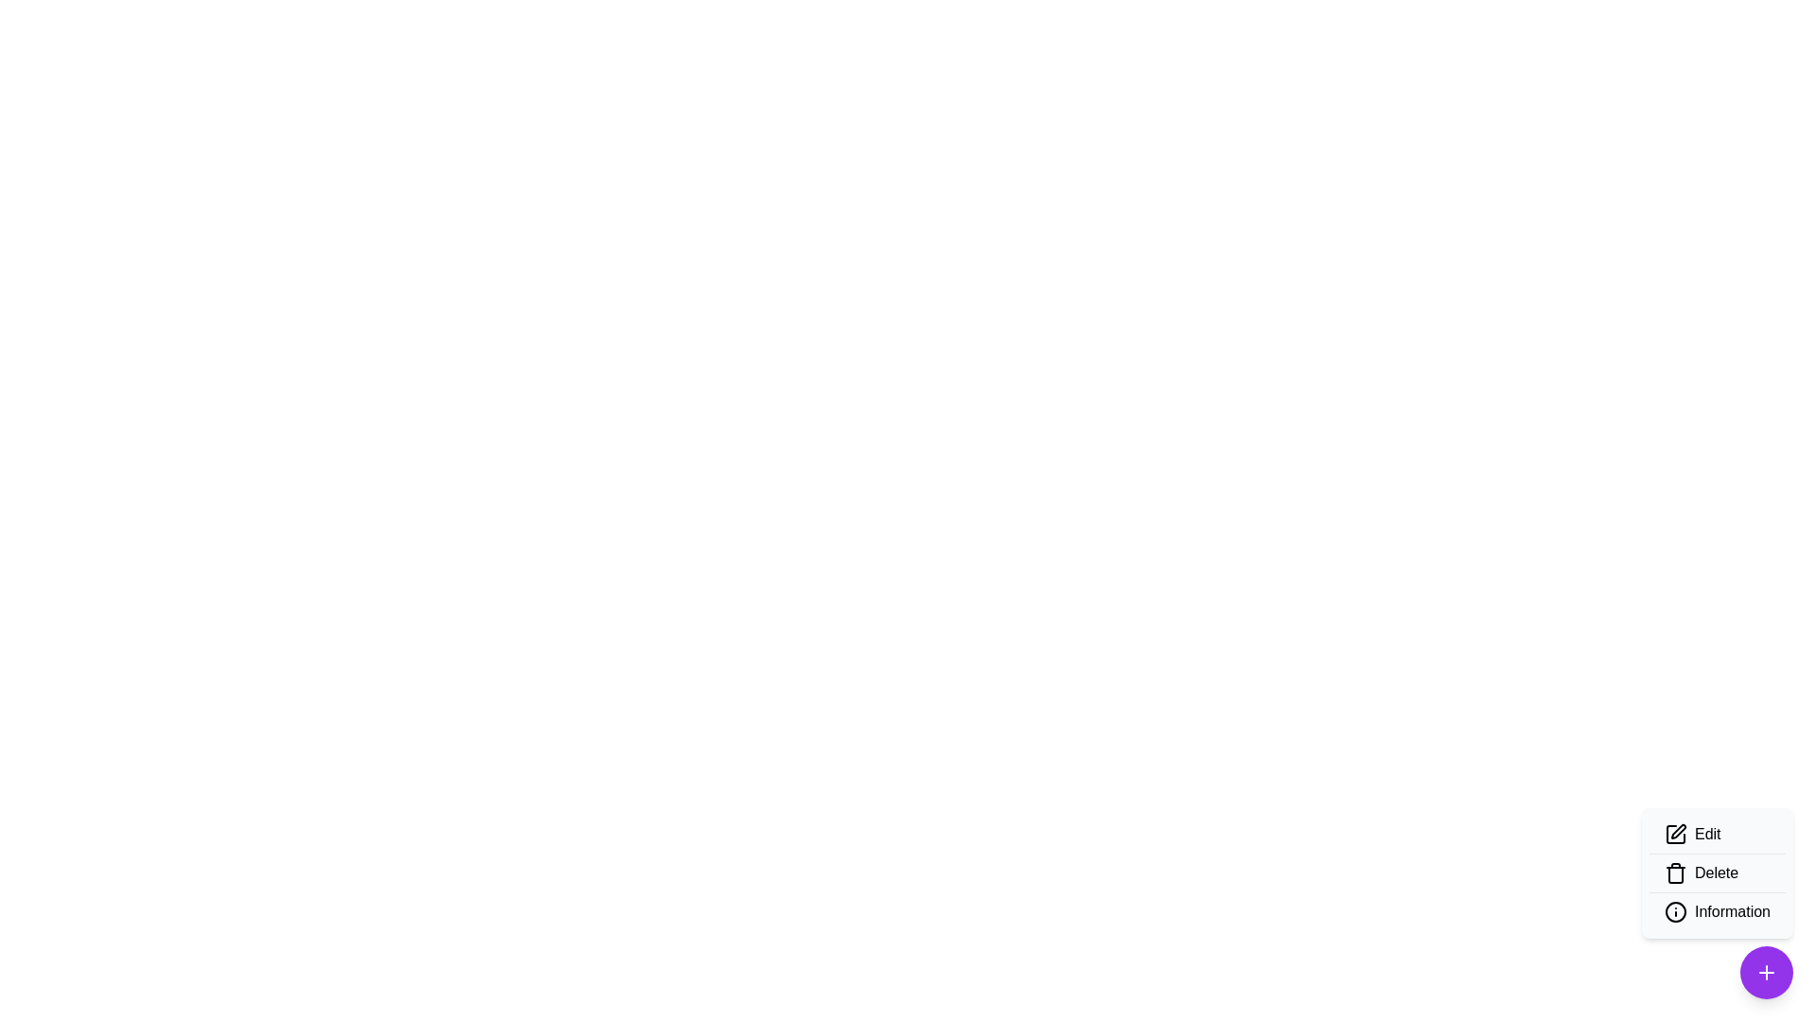 The image size is (1816, 1022). I want to click on the 'Edit' icon located at the top of the floating menu, so click(1679, 831).